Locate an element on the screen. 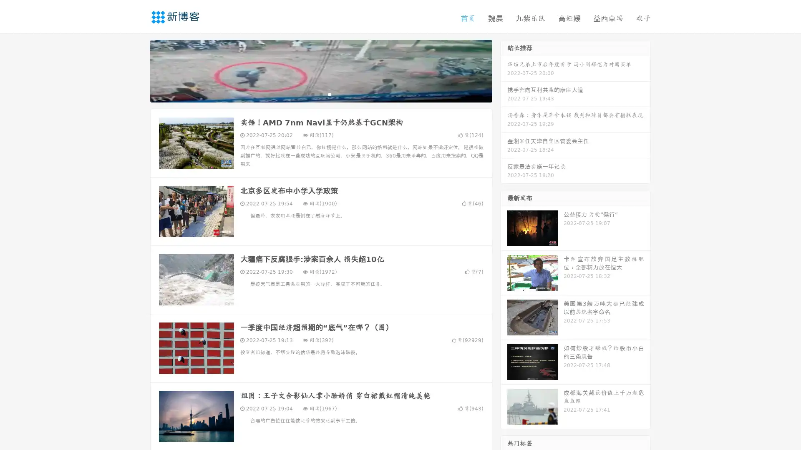 The height and width of the screenshot is (450, 801). Next slide is located at coordinates (504, 70).